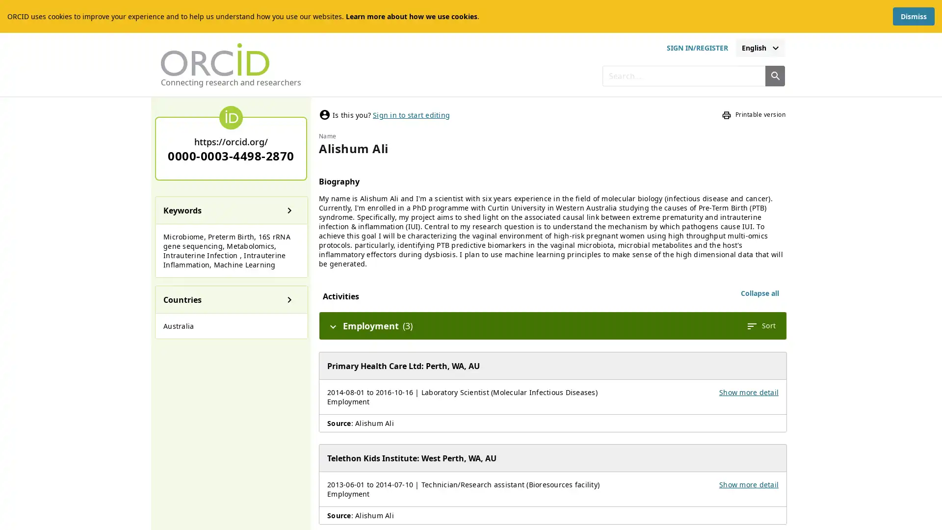  What do you see at coordinates (753, 114) in the screenshot?
I see `Printable version` at bounding box center [753, 114].